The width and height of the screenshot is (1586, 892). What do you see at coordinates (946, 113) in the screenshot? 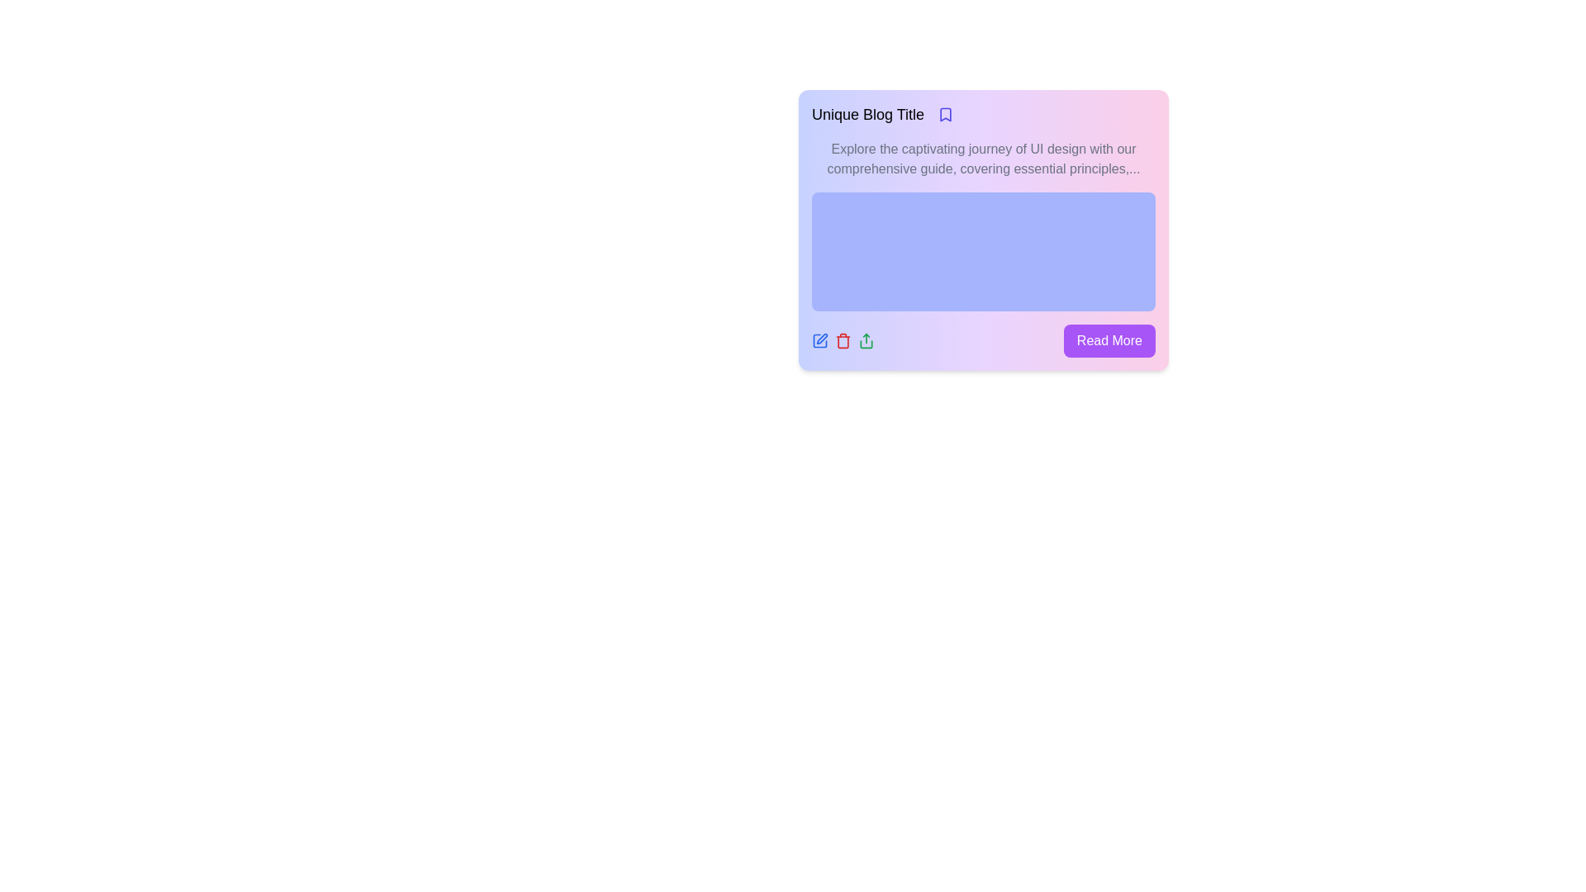
I see `the bookmark icon, which is outlined in indigo and located at the center-top of the blog card` at bounding box center [946, 113].